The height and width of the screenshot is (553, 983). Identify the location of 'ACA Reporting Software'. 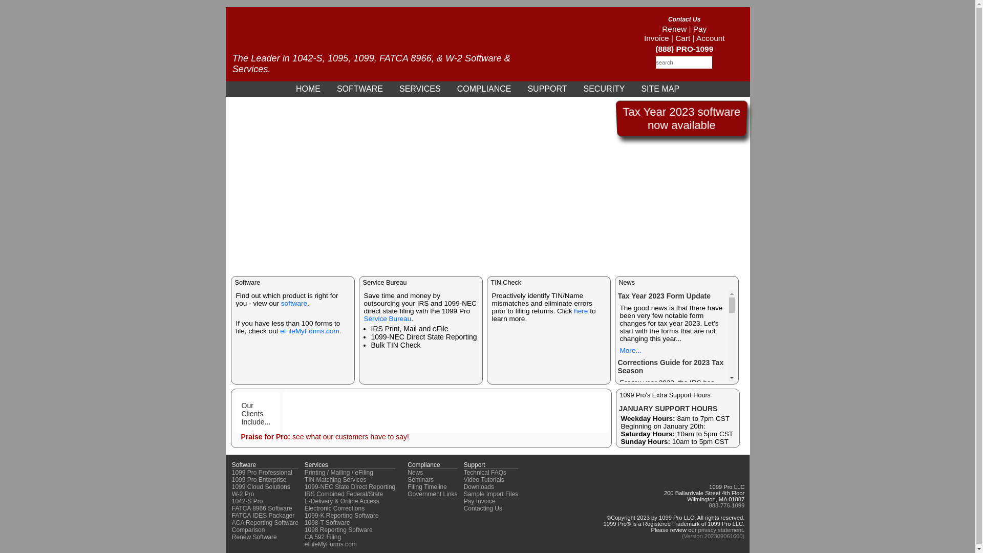
(265, 523).